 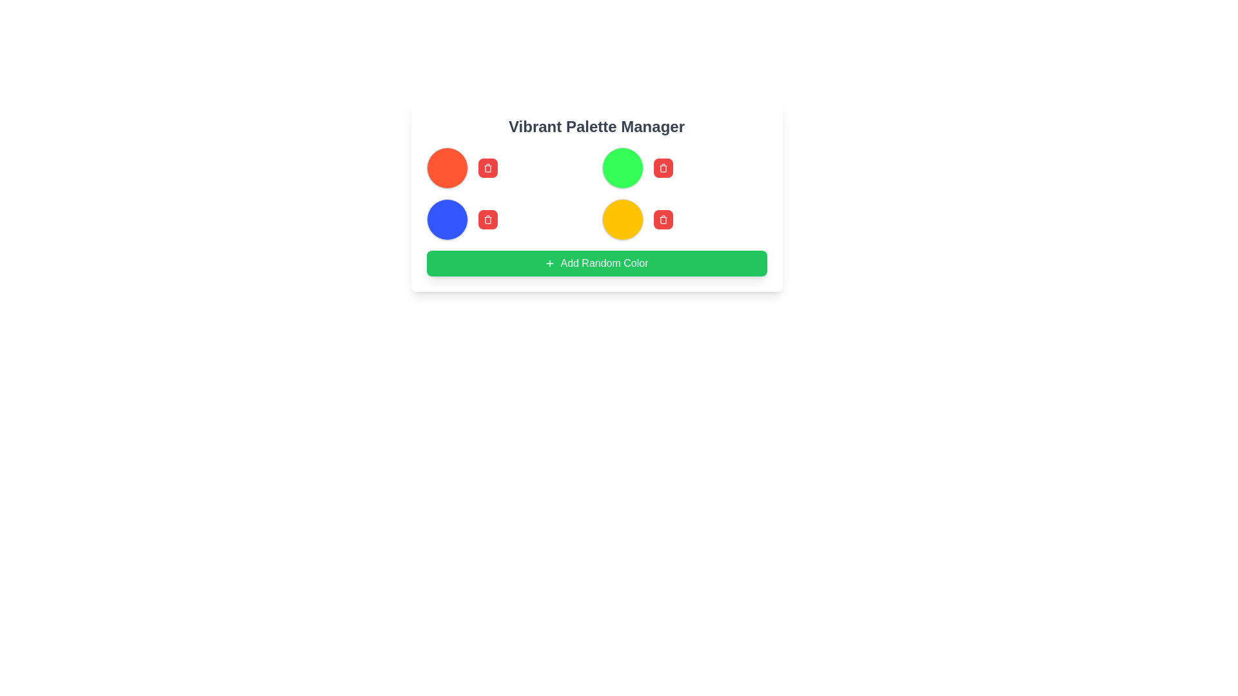 What do you see at coordinates (622, 168) in the screenshot?
I see `the second circular UI widget in the color palette, which serves as a color display or selector` at bounding box center [622, 168].